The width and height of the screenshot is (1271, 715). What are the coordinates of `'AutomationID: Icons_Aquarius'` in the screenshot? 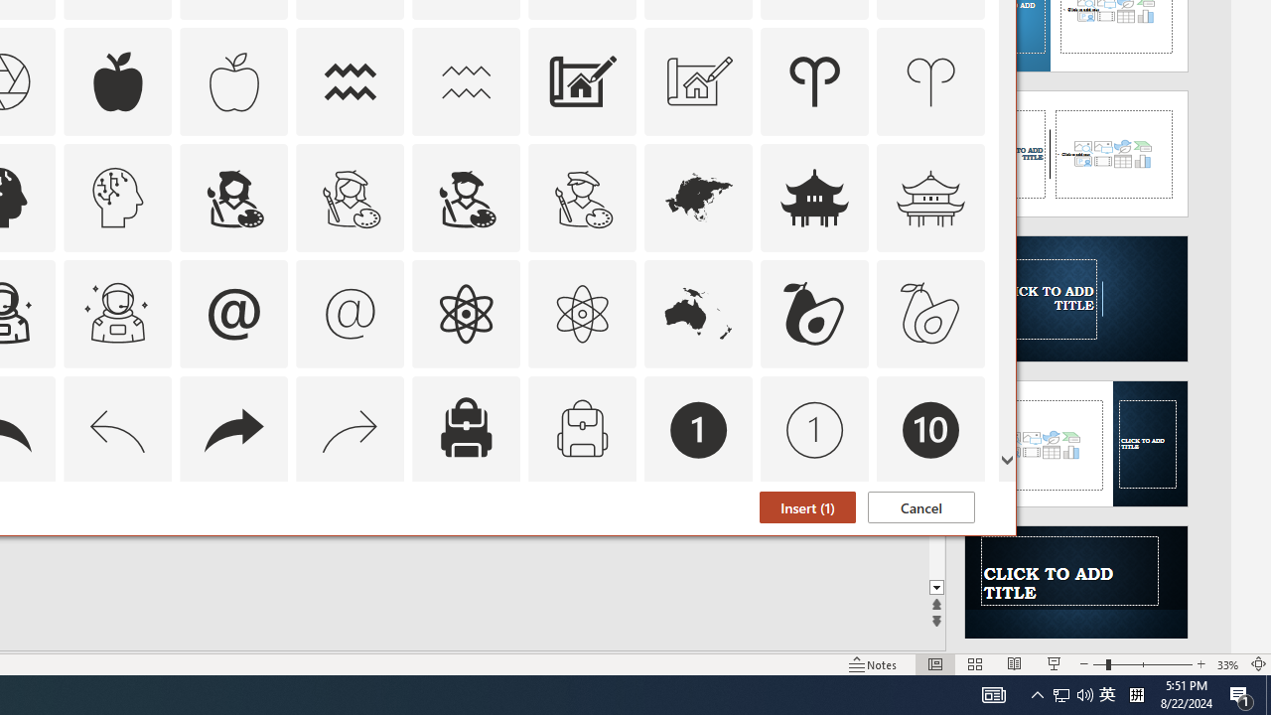 It's located at (351, 80).